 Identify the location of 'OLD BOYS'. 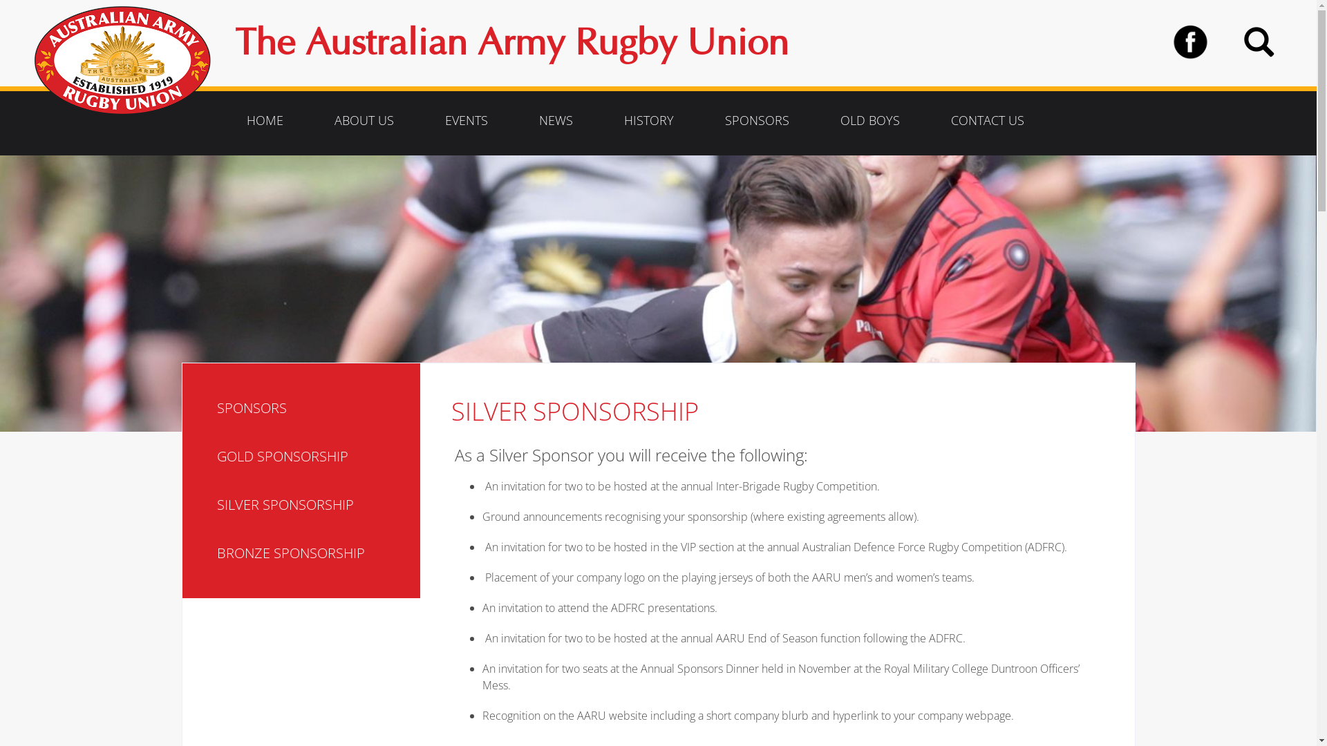
(869, 119).